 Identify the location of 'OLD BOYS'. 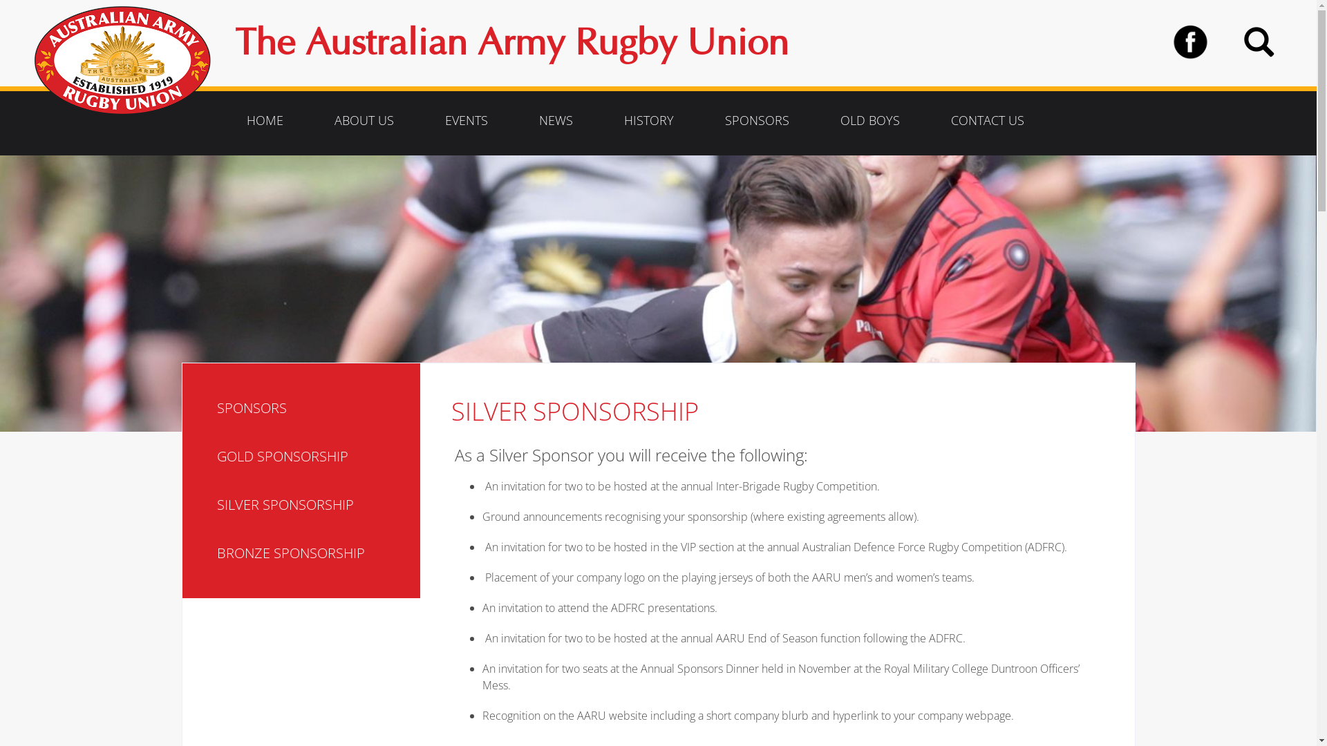
(869, 119).